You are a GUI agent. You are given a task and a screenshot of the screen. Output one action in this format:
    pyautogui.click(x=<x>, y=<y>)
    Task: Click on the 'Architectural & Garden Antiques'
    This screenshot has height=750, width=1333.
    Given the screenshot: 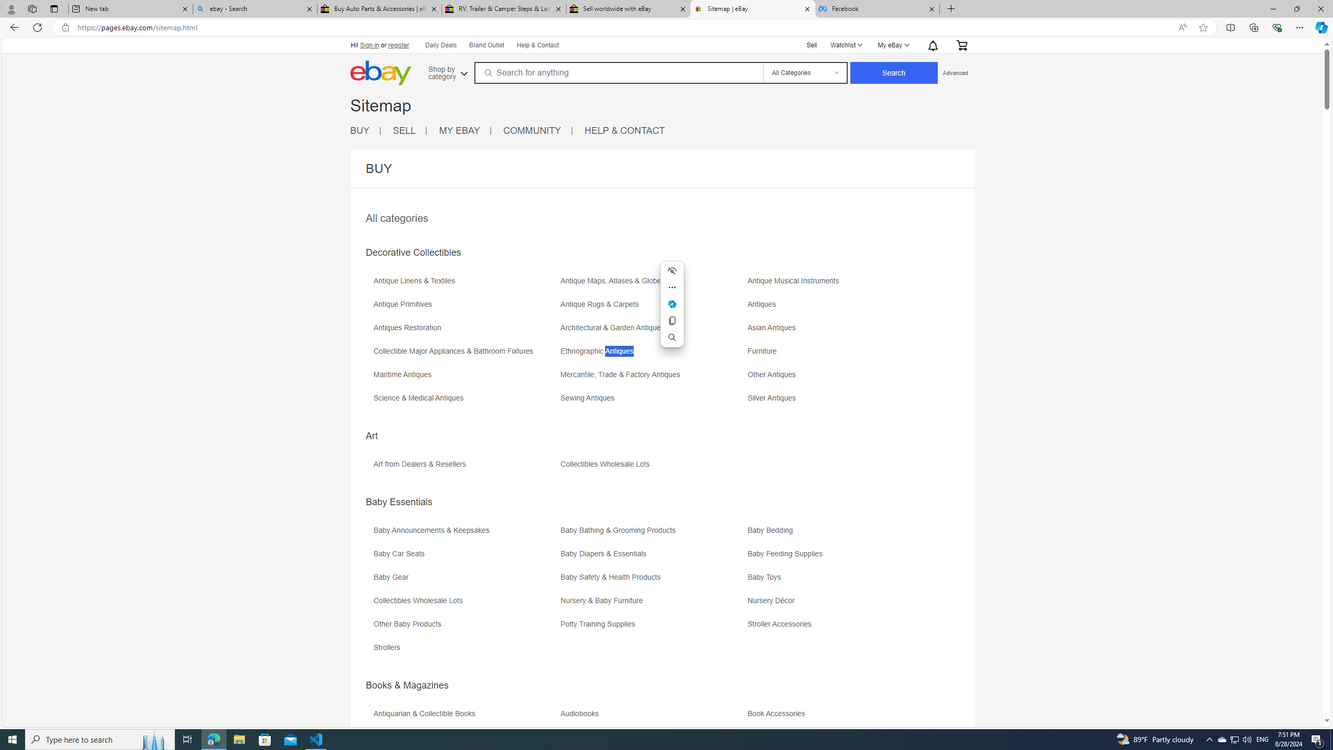 What is the action you would take?
    pyautogui.click(x=652, y=331)
    